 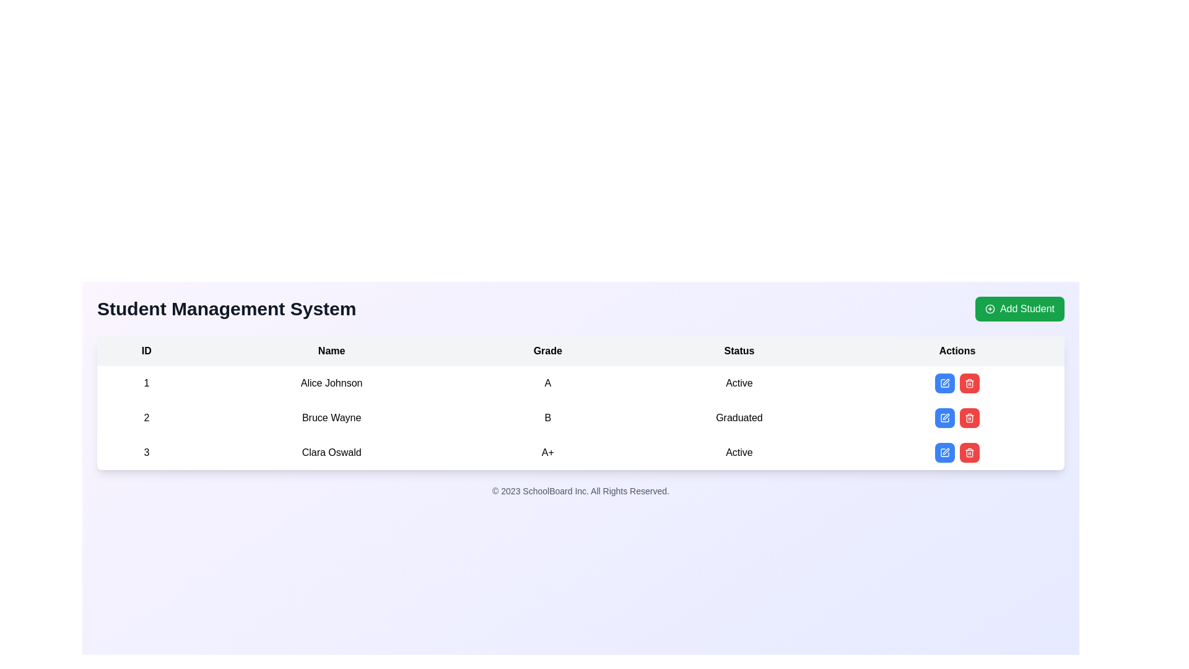 What do you see at coordinates (739, 382) in the screenshot?
I see `the 'Active' text label in the 'Status' column of the table corresponding to Alice Johnson` at bounding box center [739, 382].